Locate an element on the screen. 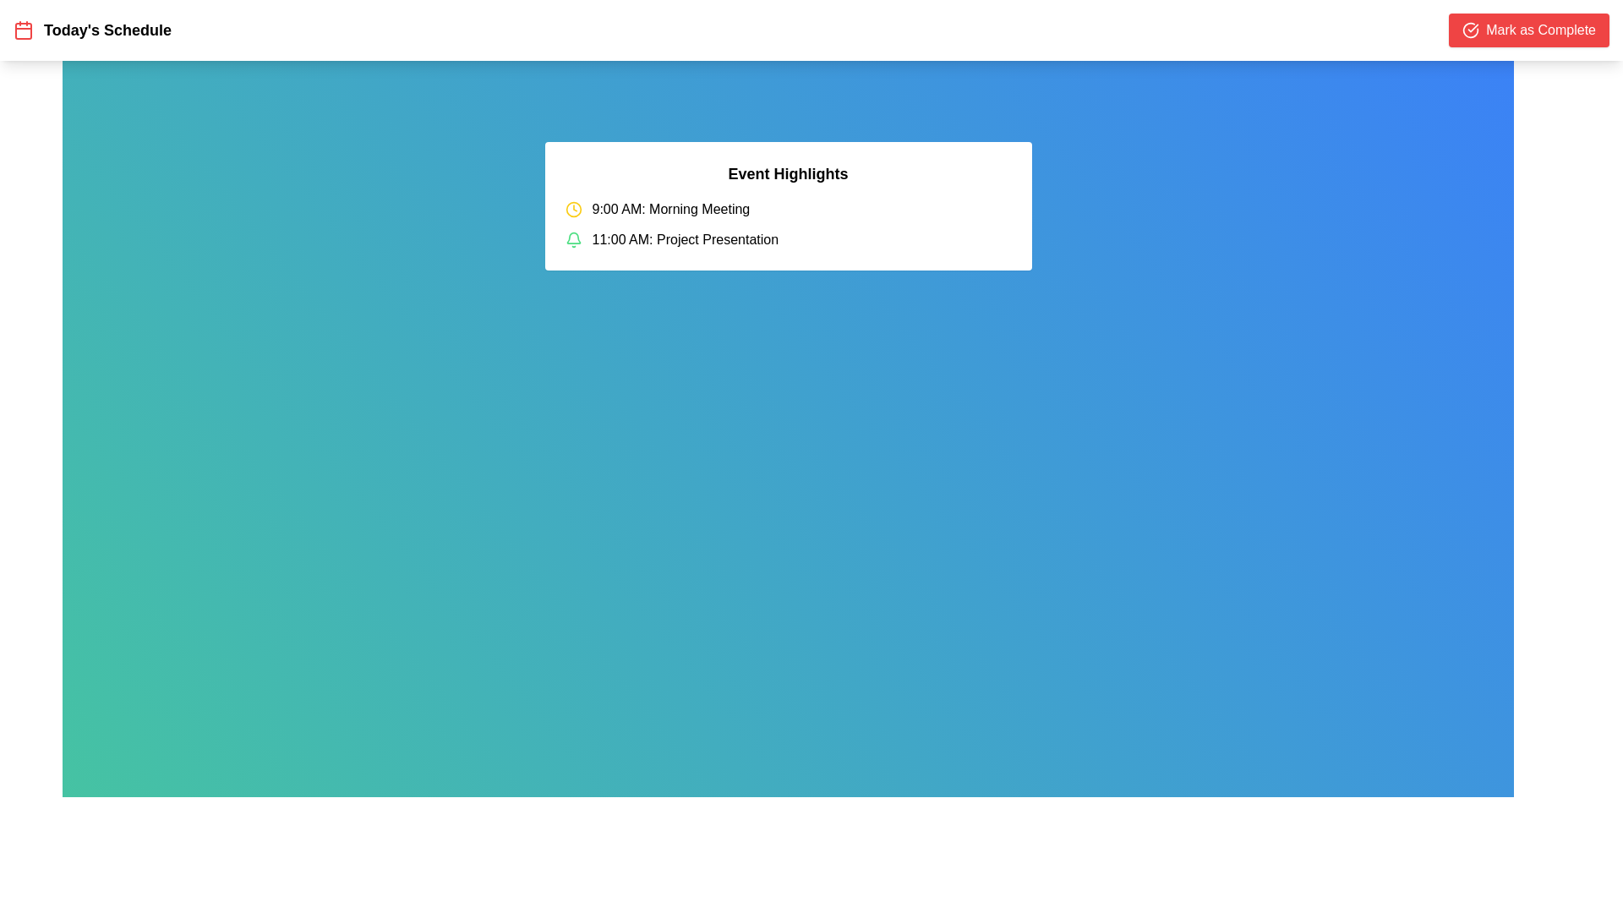  the 'Project Presentation' schedule entry, which is the second entry under the 'Event Highlights' section is located at coordinates (787, 240).